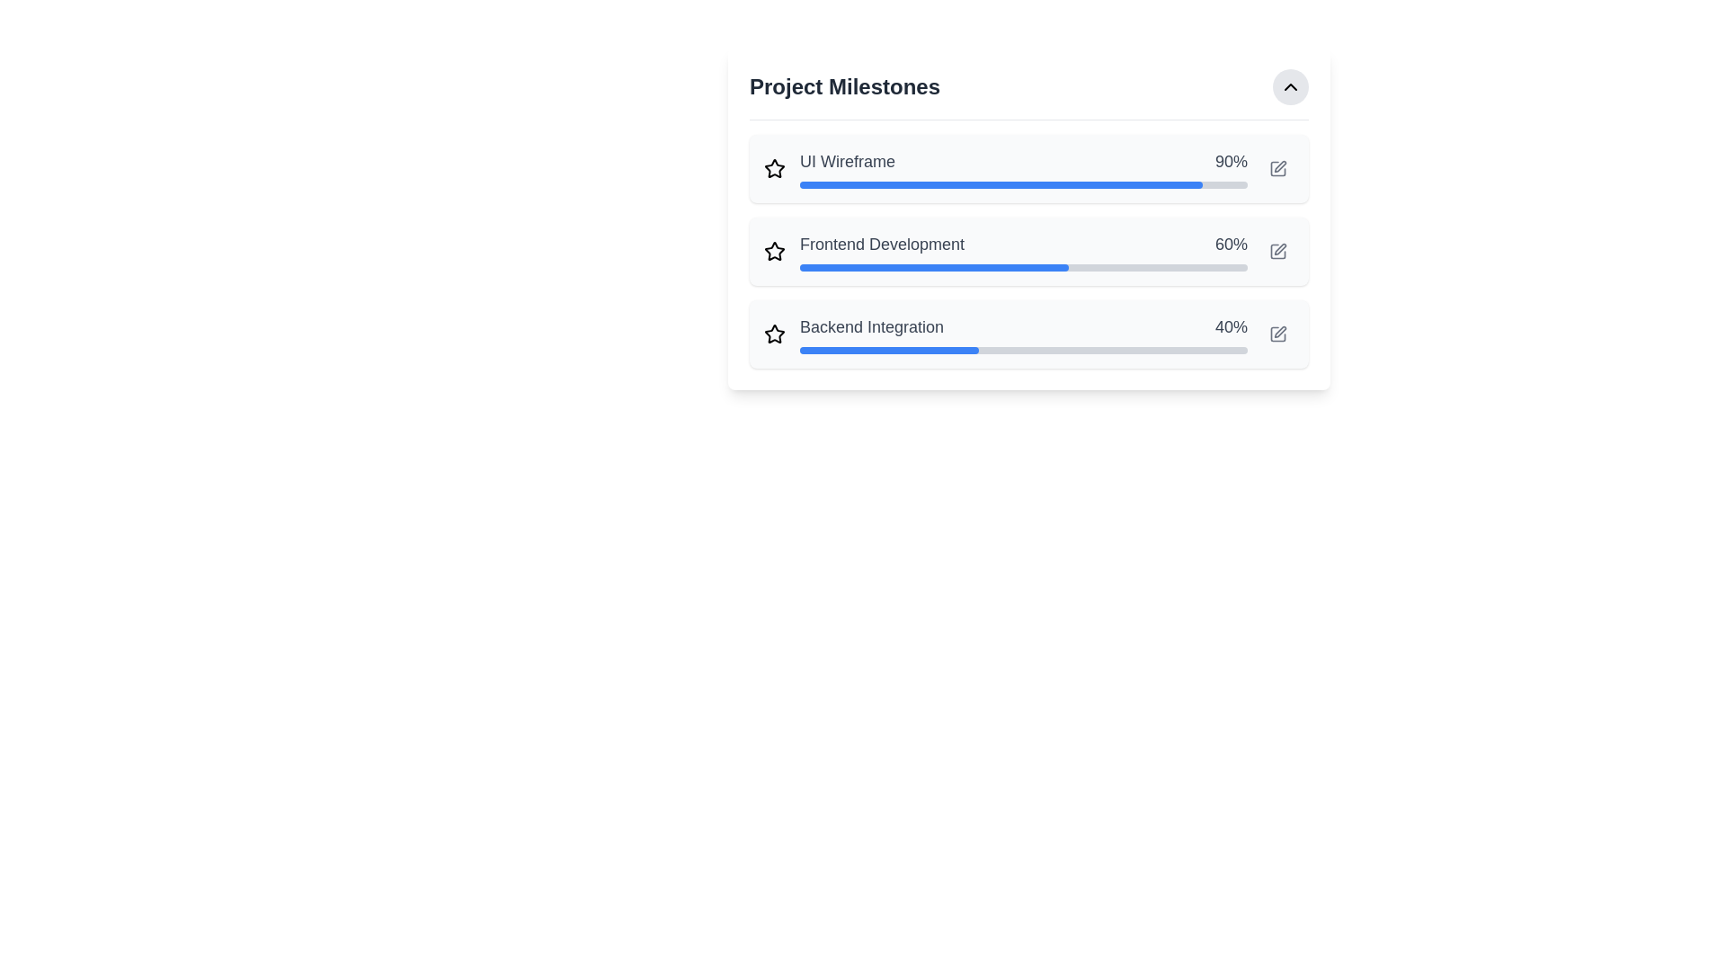 The height and width of the screenshot is (971, 1726). Describe the element at coordinates (847, 162) in the screenshot. I see `the static text label displaying 'UI Wireframe', which is part of a row showing progress information and is styled in gray color` at that location.